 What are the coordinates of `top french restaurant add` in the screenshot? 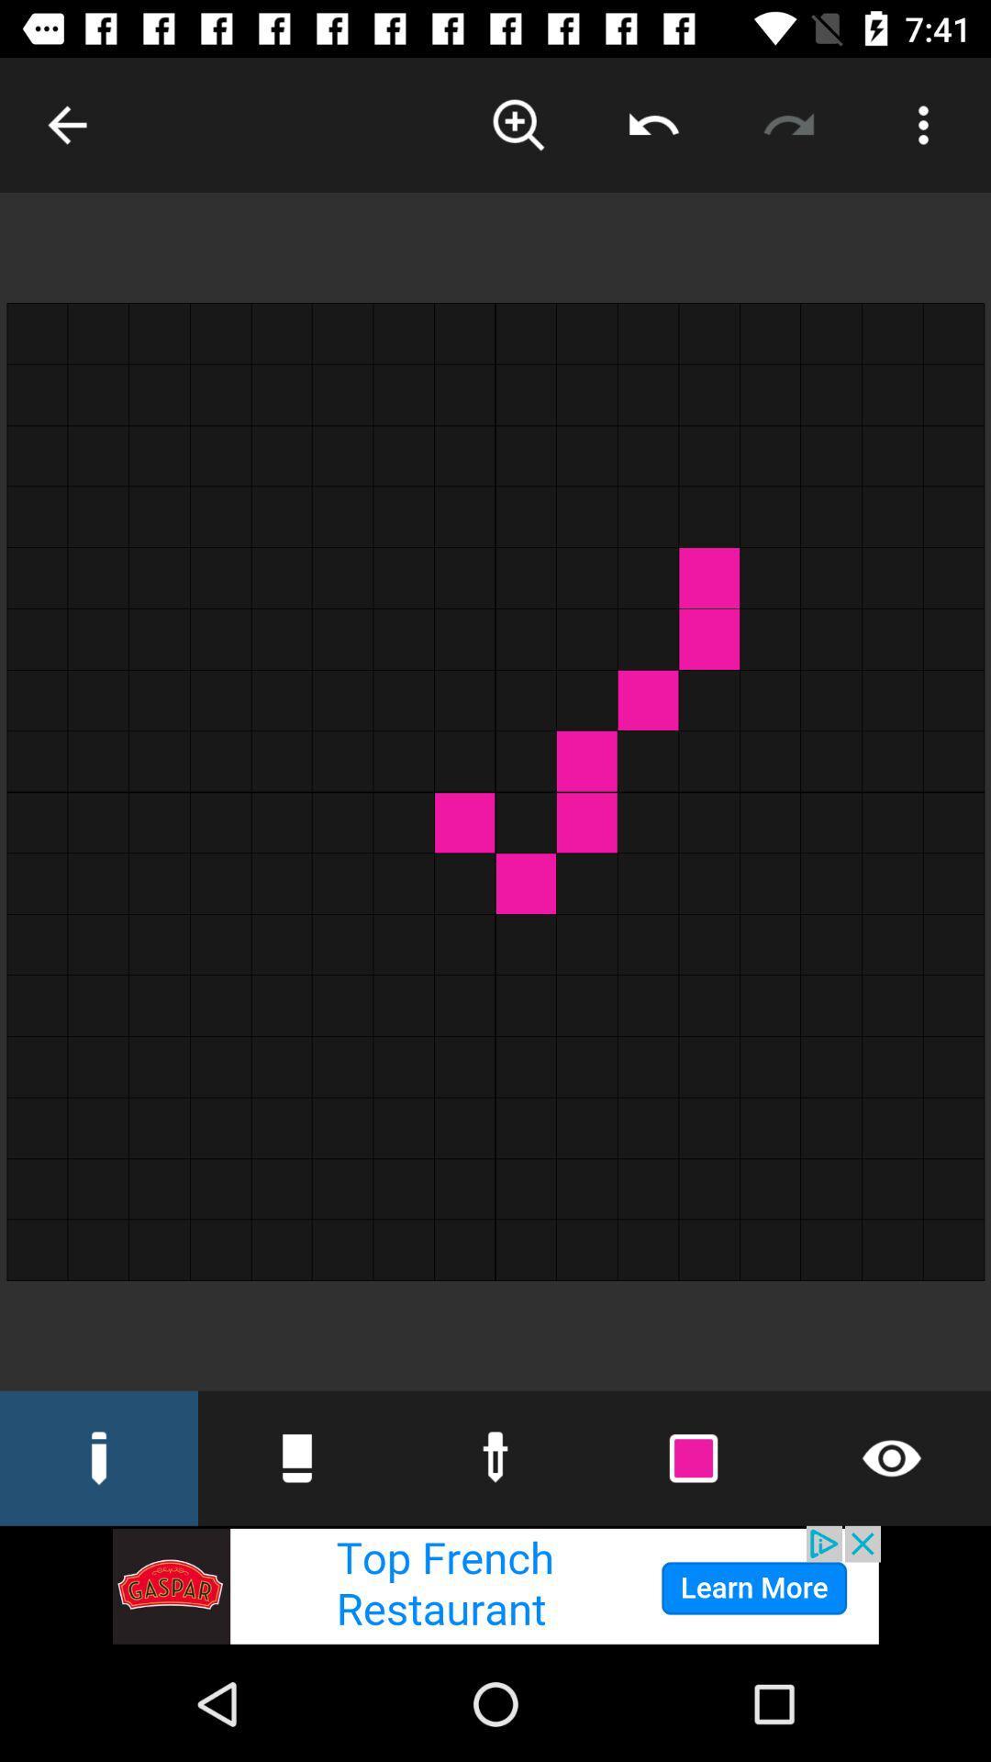 It's located at (495, 1585).